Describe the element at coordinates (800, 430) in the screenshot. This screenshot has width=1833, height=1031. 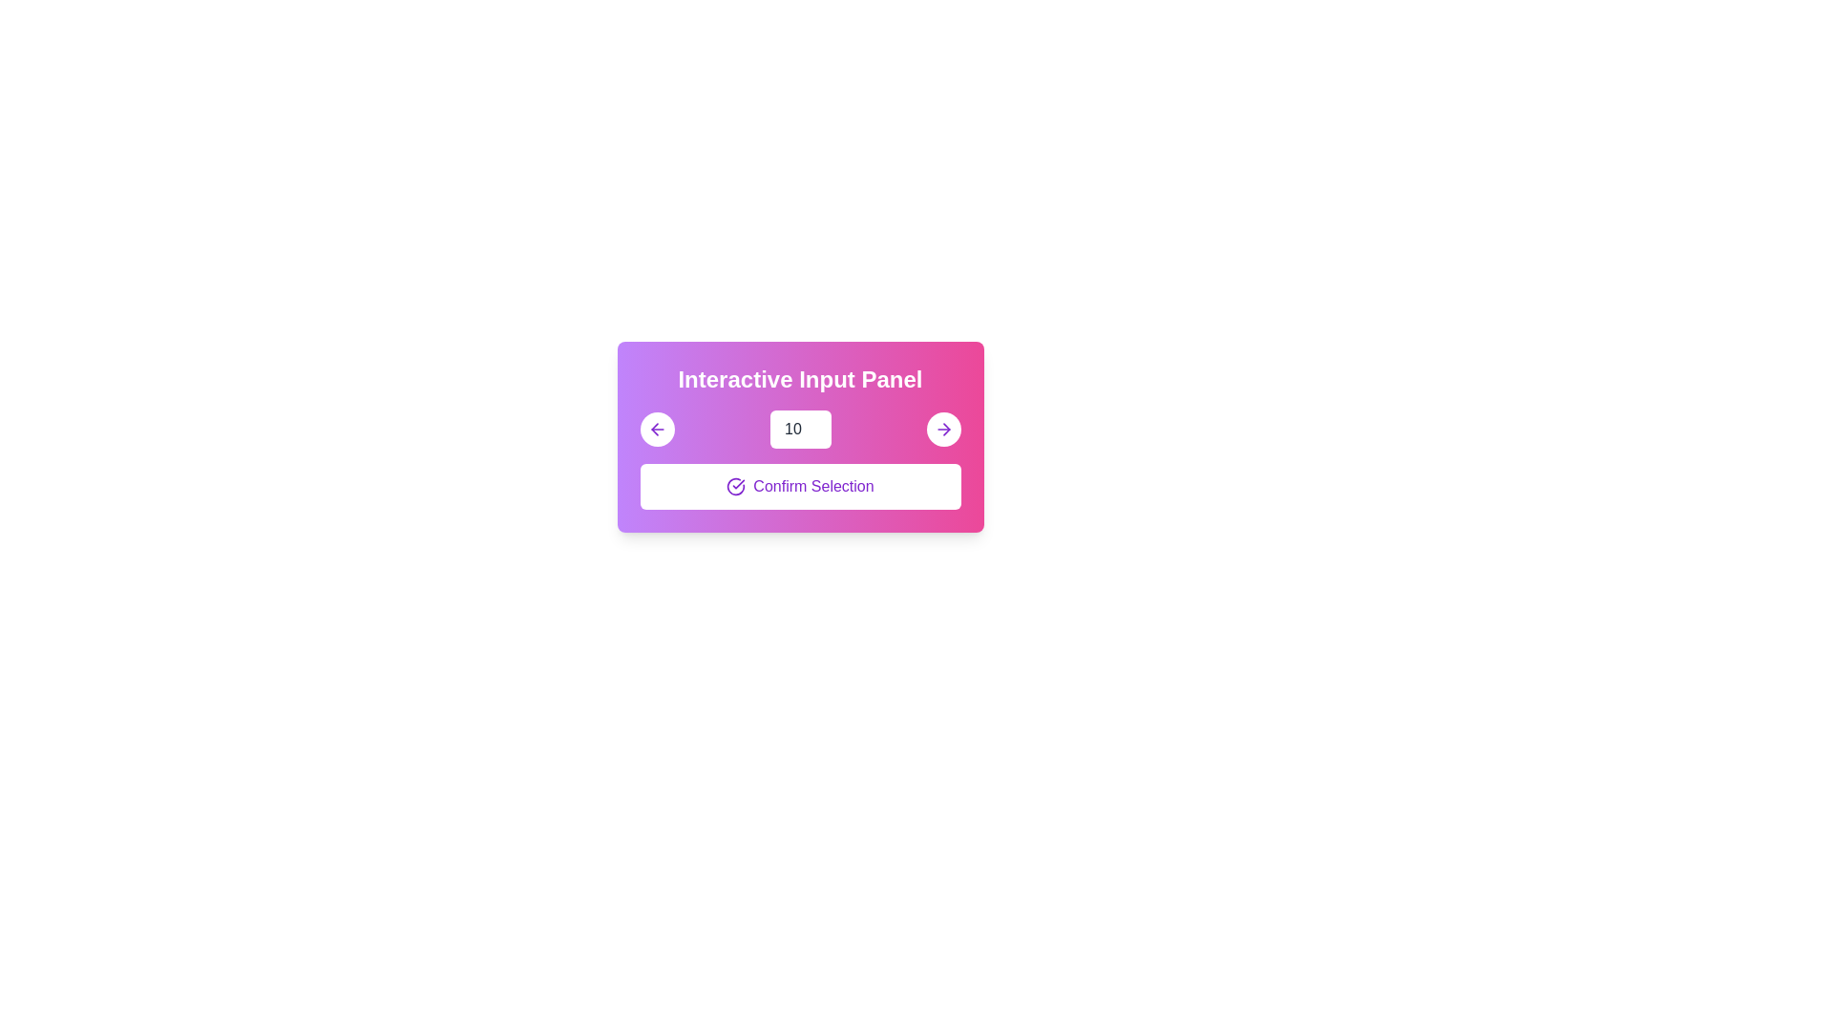
I see `the numeric input field of the composite UI component that combines number input and navigation buttons to edit the number` at that location.